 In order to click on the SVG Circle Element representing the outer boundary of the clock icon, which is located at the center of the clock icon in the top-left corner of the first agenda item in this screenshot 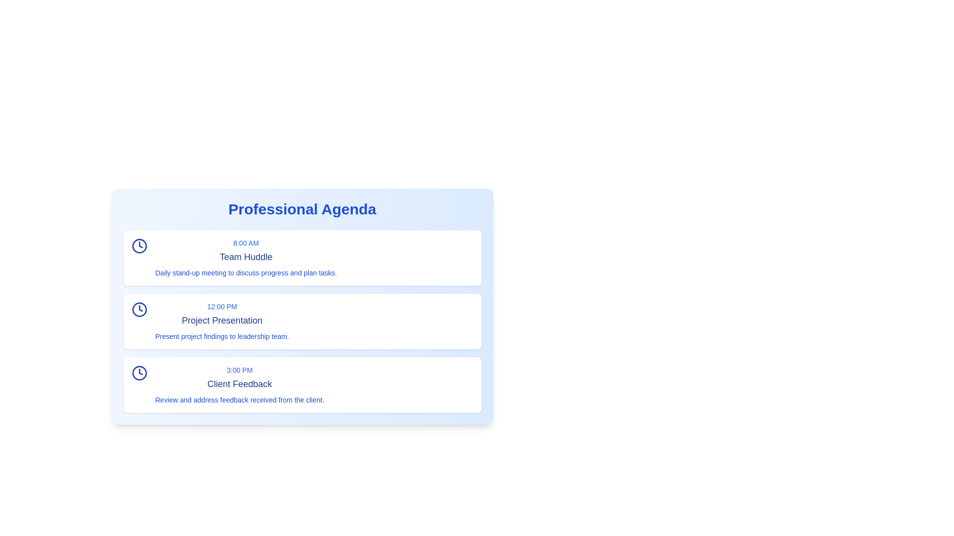, I will do `click(139, 246)`.